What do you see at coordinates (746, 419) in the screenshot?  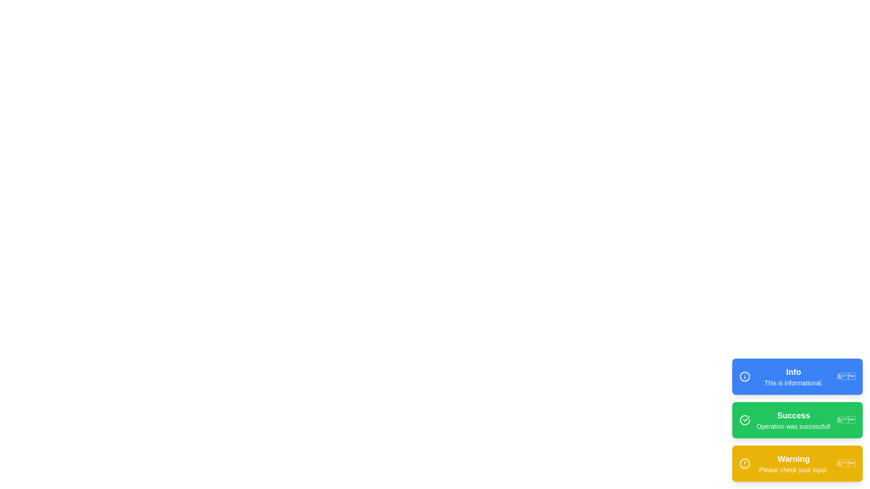 I see `the small checkmark icon within a green circle, which is part of a grouped icon structure on the success notification card` at bounding box center [746, 419].